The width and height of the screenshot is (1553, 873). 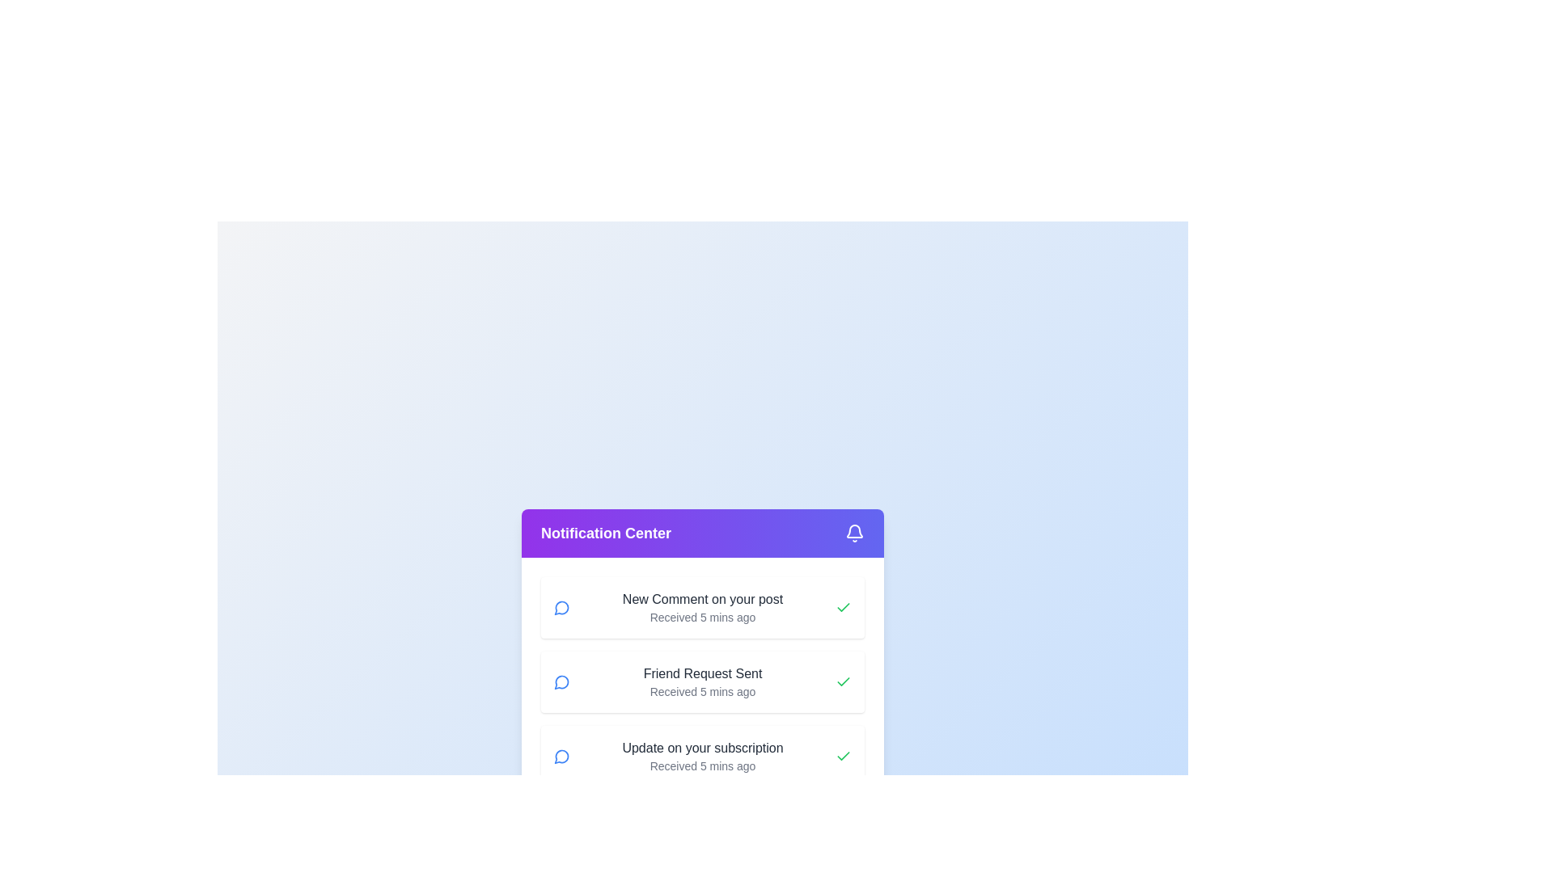 What do you see at coordinates (842, 608) in the screenshot?
I see `the notification card containing the icon that signifies an acknowledged notification for 'New Comment on your post', located at the far-right edge of the card` at bounding box center [842, 608].